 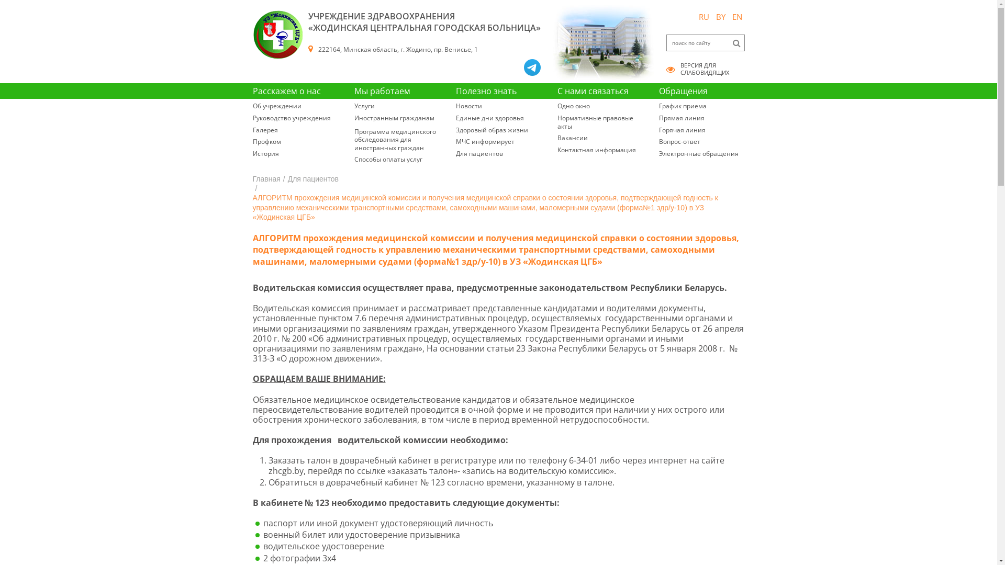 What do you see at coordinates (736, 16) in the screenshot?
I see `'EN'` at bounding box center [736, 16].